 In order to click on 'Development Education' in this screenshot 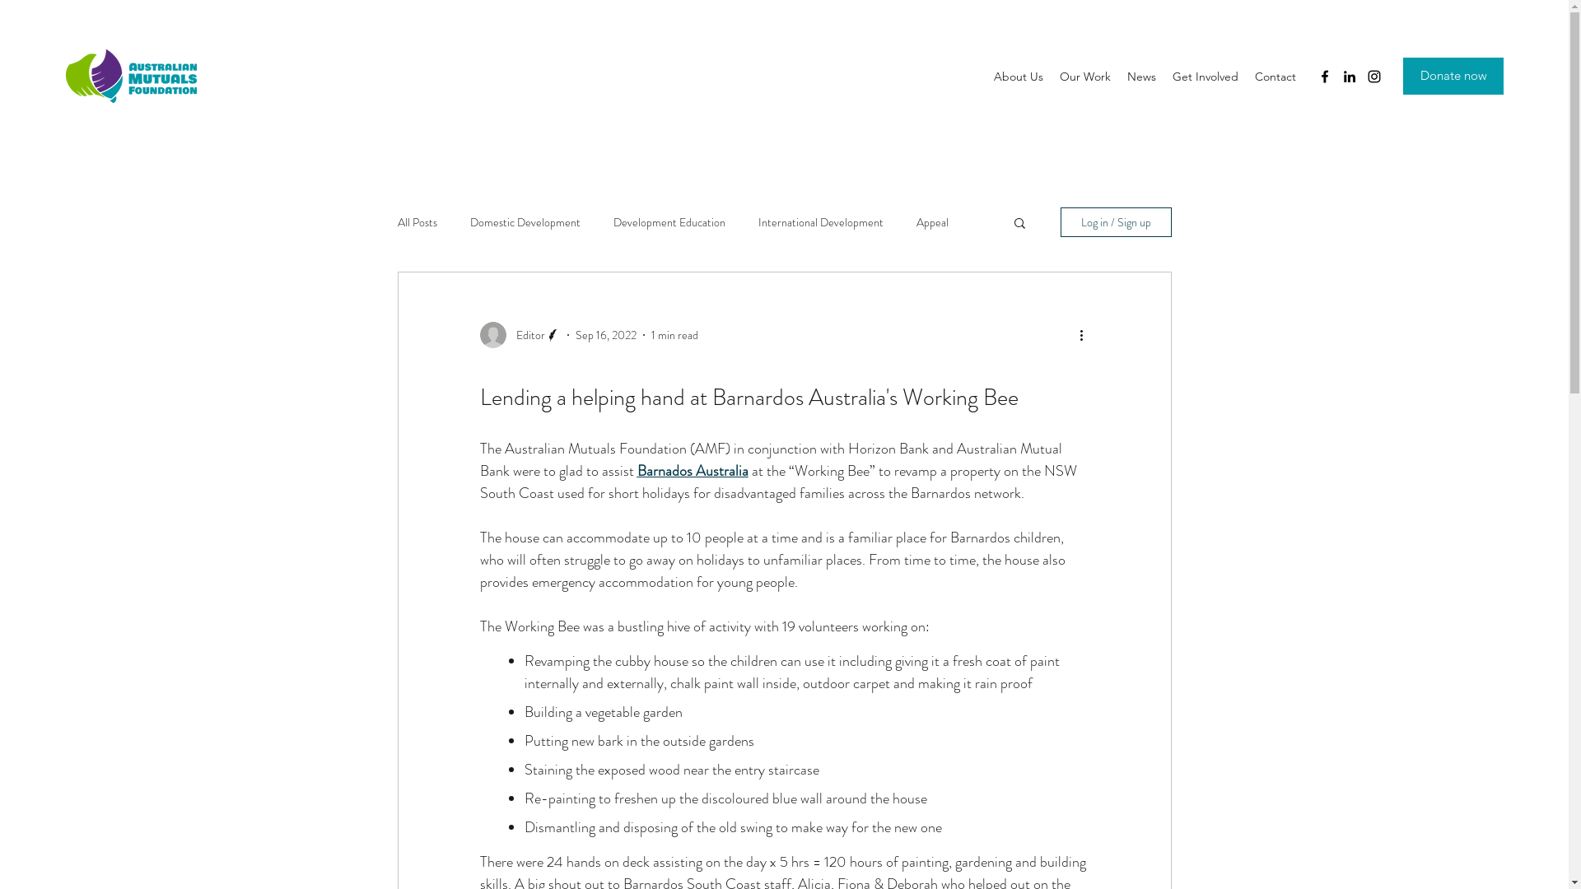, I will do `click(668, 222)`.